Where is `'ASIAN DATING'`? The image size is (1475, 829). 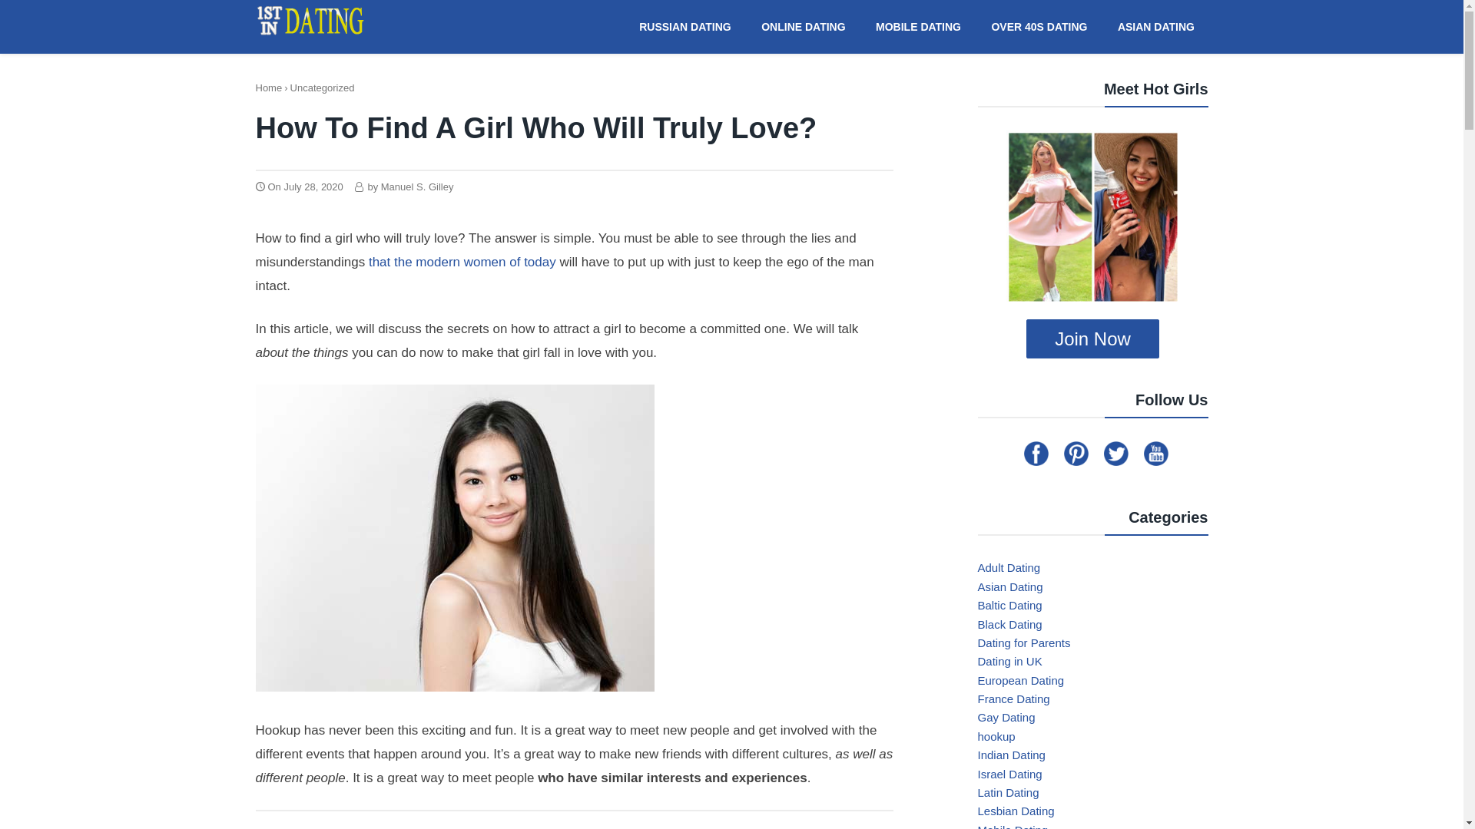 'ASIAN DATING' is located at coordinates (1155, 25).